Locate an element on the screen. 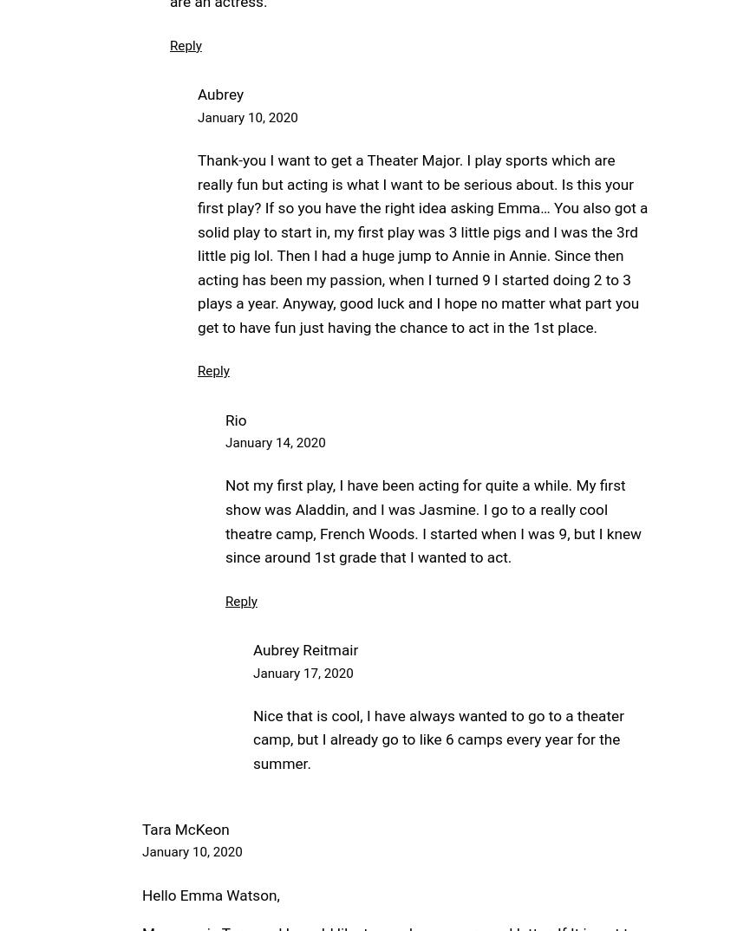  'Thank-you I want to get a Theater Major. I play sports which are really fun but acting is what I want to be serious about. Is this your first play? If so you have the right idea asking Emma… You also got a solid play to start in, my first play was 3 little pigs and I was the 3rd little pig lol. Then I had a huge jump to Annie in Annie. Since then acting has been my passion, when I turned 9 I started doing 2 to 3 plays a year. Anyway, good luck and I hope no matter what part you get to have fun just having the chance to act in the 1st place.' is located at coordinates (422, 243).